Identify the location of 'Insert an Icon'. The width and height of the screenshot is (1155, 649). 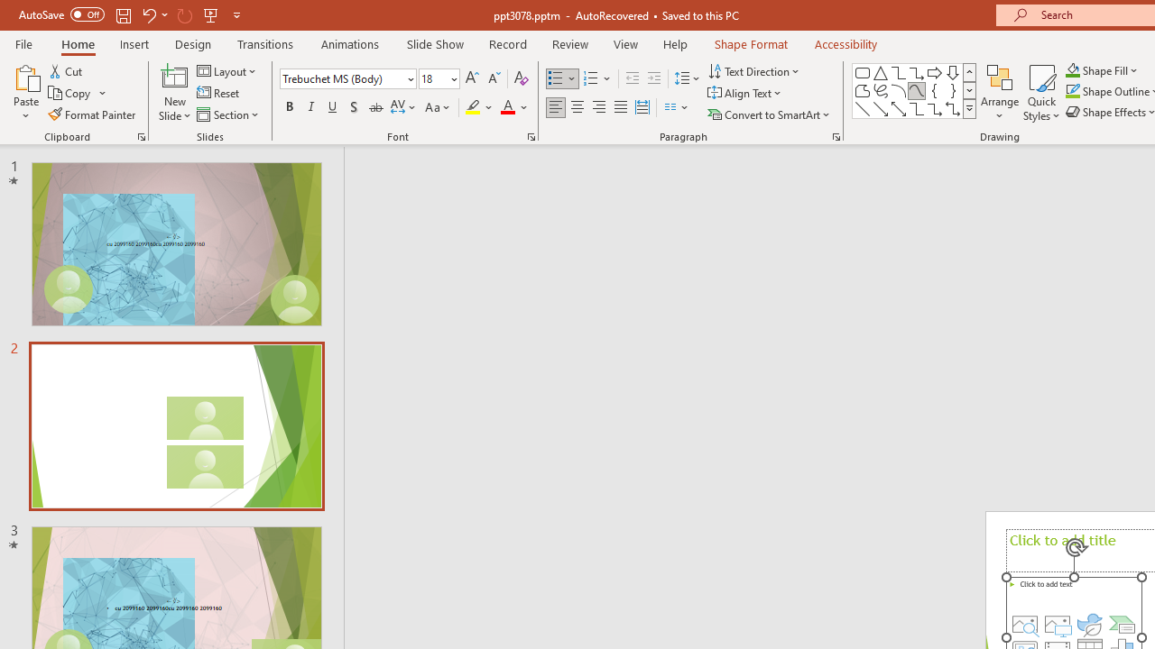
(1088, 624).